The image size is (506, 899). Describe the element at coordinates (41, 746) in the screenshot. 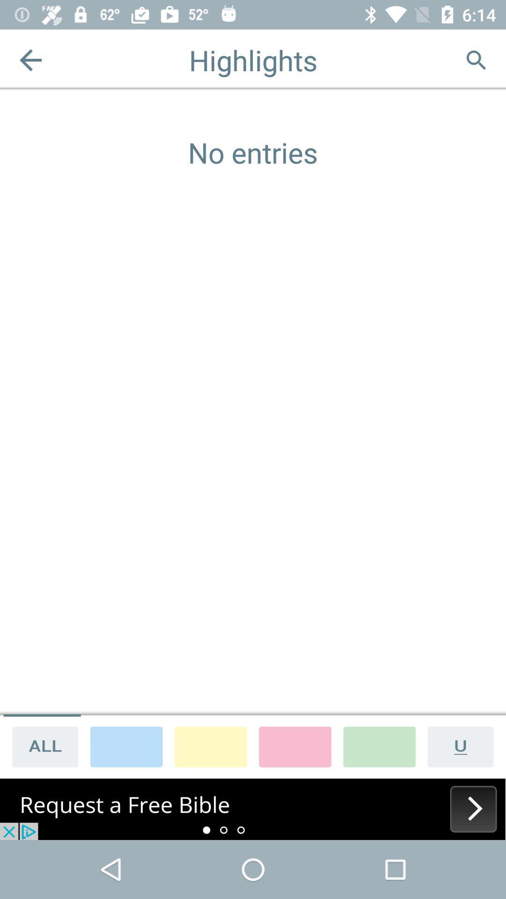

I see `see all contents` at that location.